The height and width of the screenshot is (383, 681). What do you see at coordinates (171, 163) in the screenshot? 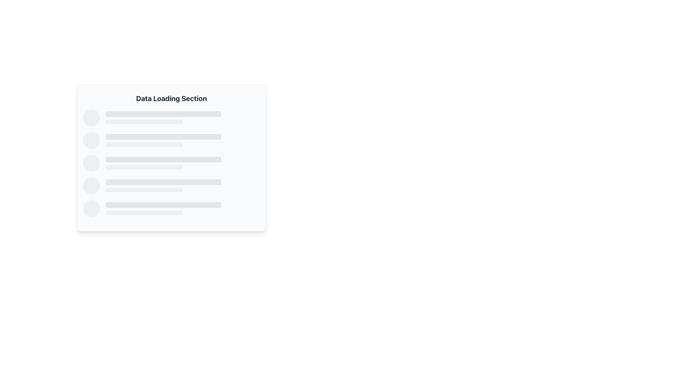
I see `the third list entry placeholder in the 'Data Loading Section' area, which is styled with gray layout and has two horizontal bars of different widths` at bounding box center [171, 163].